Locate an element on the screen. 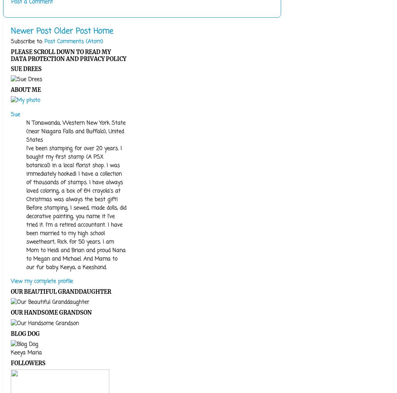  'Our Handsome Grandson' is located at coordinates (51, 313).